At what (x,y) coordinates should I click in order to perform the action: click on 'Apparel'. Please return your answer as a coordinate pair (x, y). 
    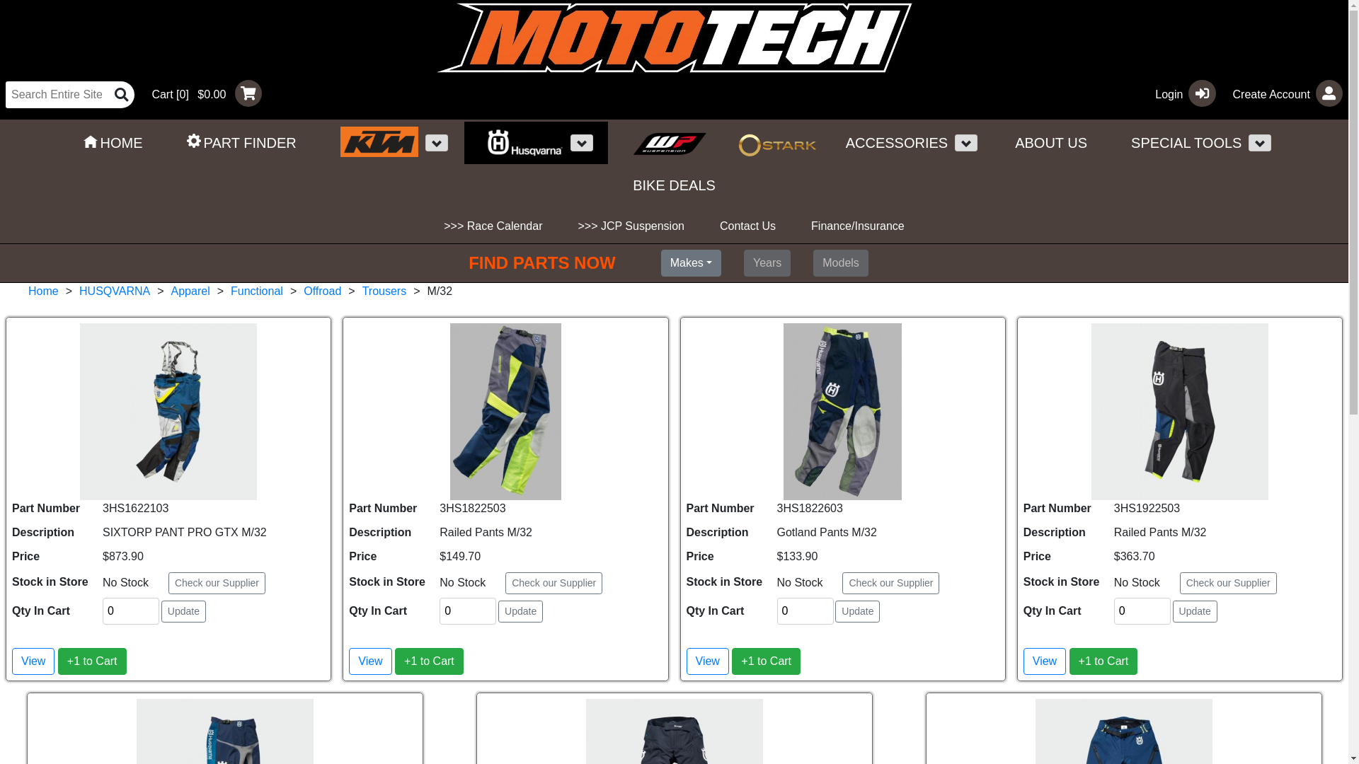
    Looking at the image, I should click on (170, 290).